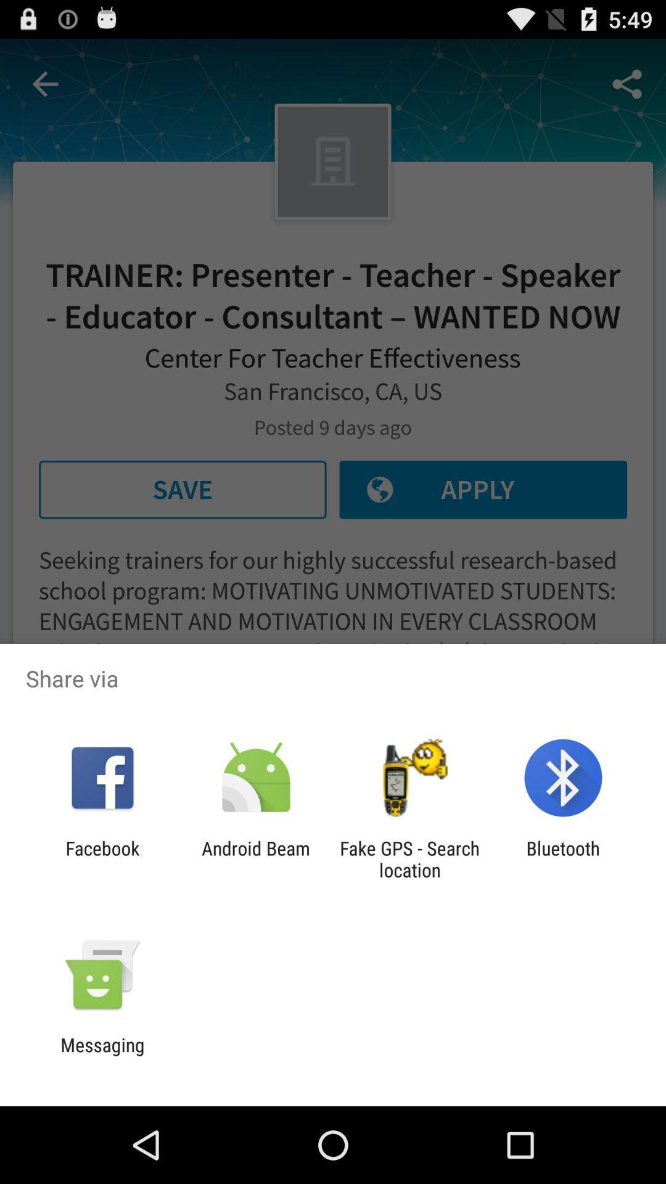 The height and width of the screenshot is (1184, 666). What do you see at coordinates (409, 858) in the screenshot?
I see `app next to android beam icon` at bounding box center [409, 858].